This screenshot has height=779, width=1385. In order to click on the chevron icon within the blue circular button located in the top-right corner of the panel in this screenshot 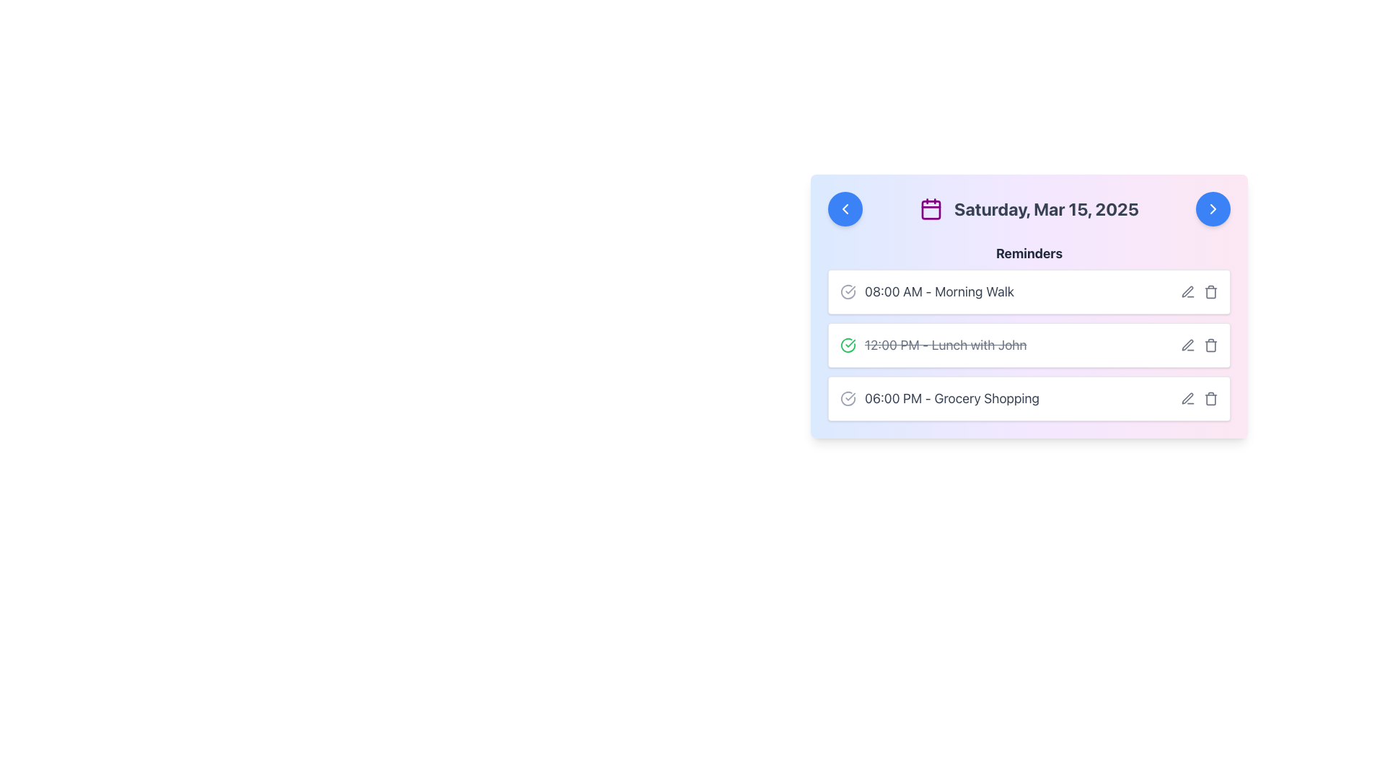, I will do `click(1212, 208)`.